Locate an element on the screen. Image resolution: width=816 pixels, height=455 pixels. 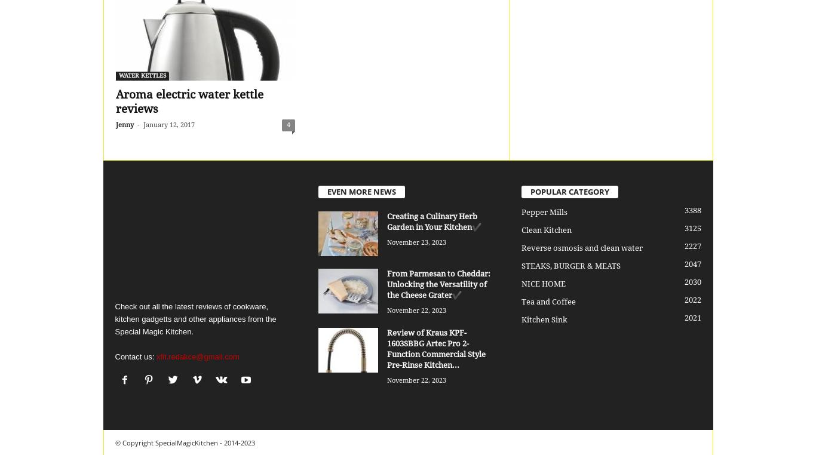
'Check out all the latest reviews of cookware, kitchen gadgetts and other appliances from the Special Magic Kitchen.' is located at coordinates (195, 318).